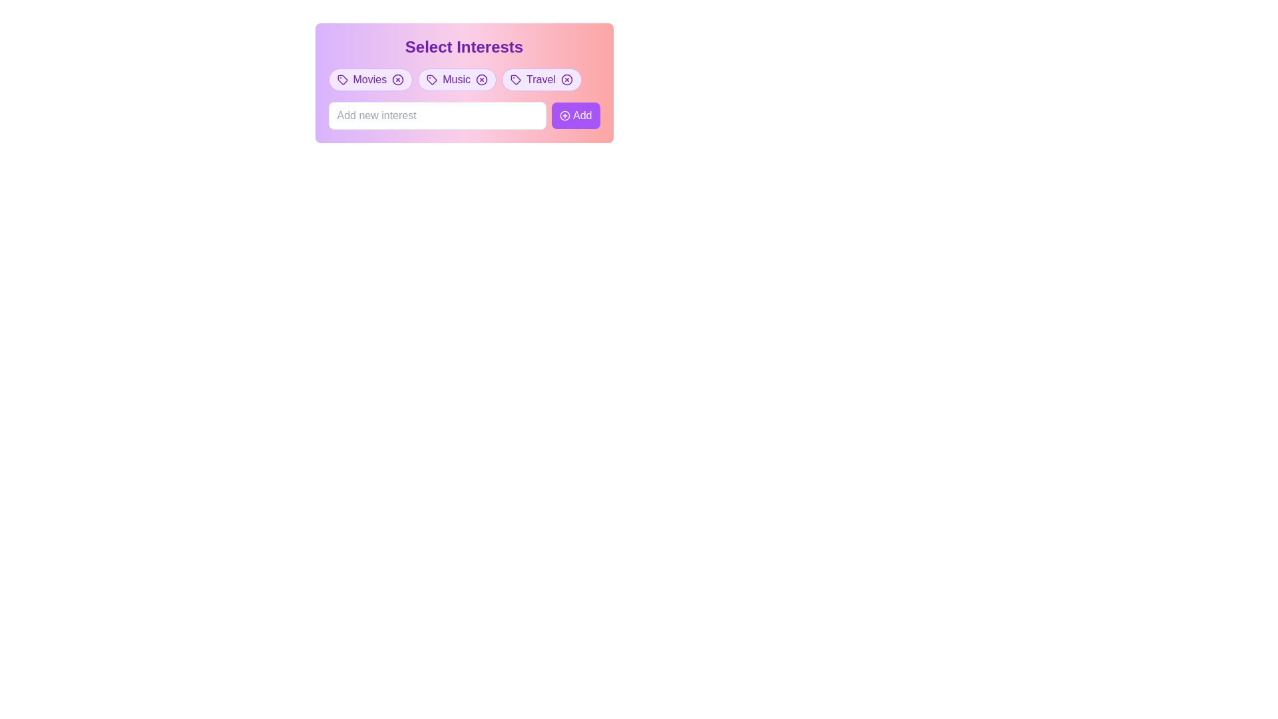  I want to click on the heading text labeled 'Select Interests', which is prominently displayed in bold, large font in vibrant purple color at the top of a gradient card-like section, so click(464, 46).